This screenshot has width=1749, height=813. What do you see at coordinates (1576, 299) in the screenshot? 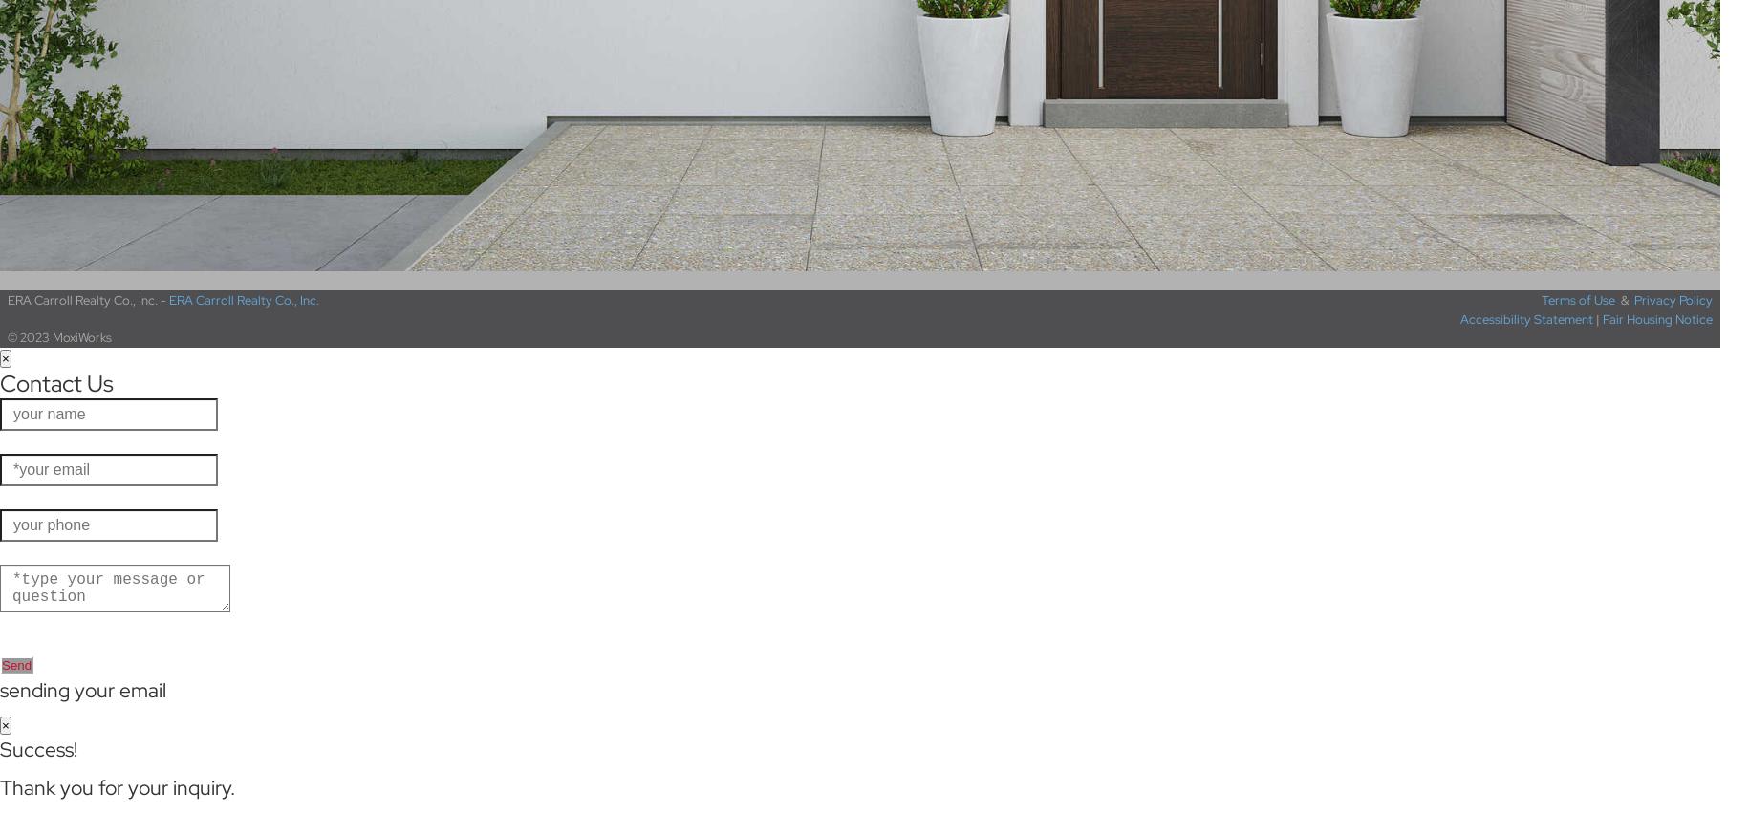
I see `'Terms of Use'` at bounding box center [1576, 299].